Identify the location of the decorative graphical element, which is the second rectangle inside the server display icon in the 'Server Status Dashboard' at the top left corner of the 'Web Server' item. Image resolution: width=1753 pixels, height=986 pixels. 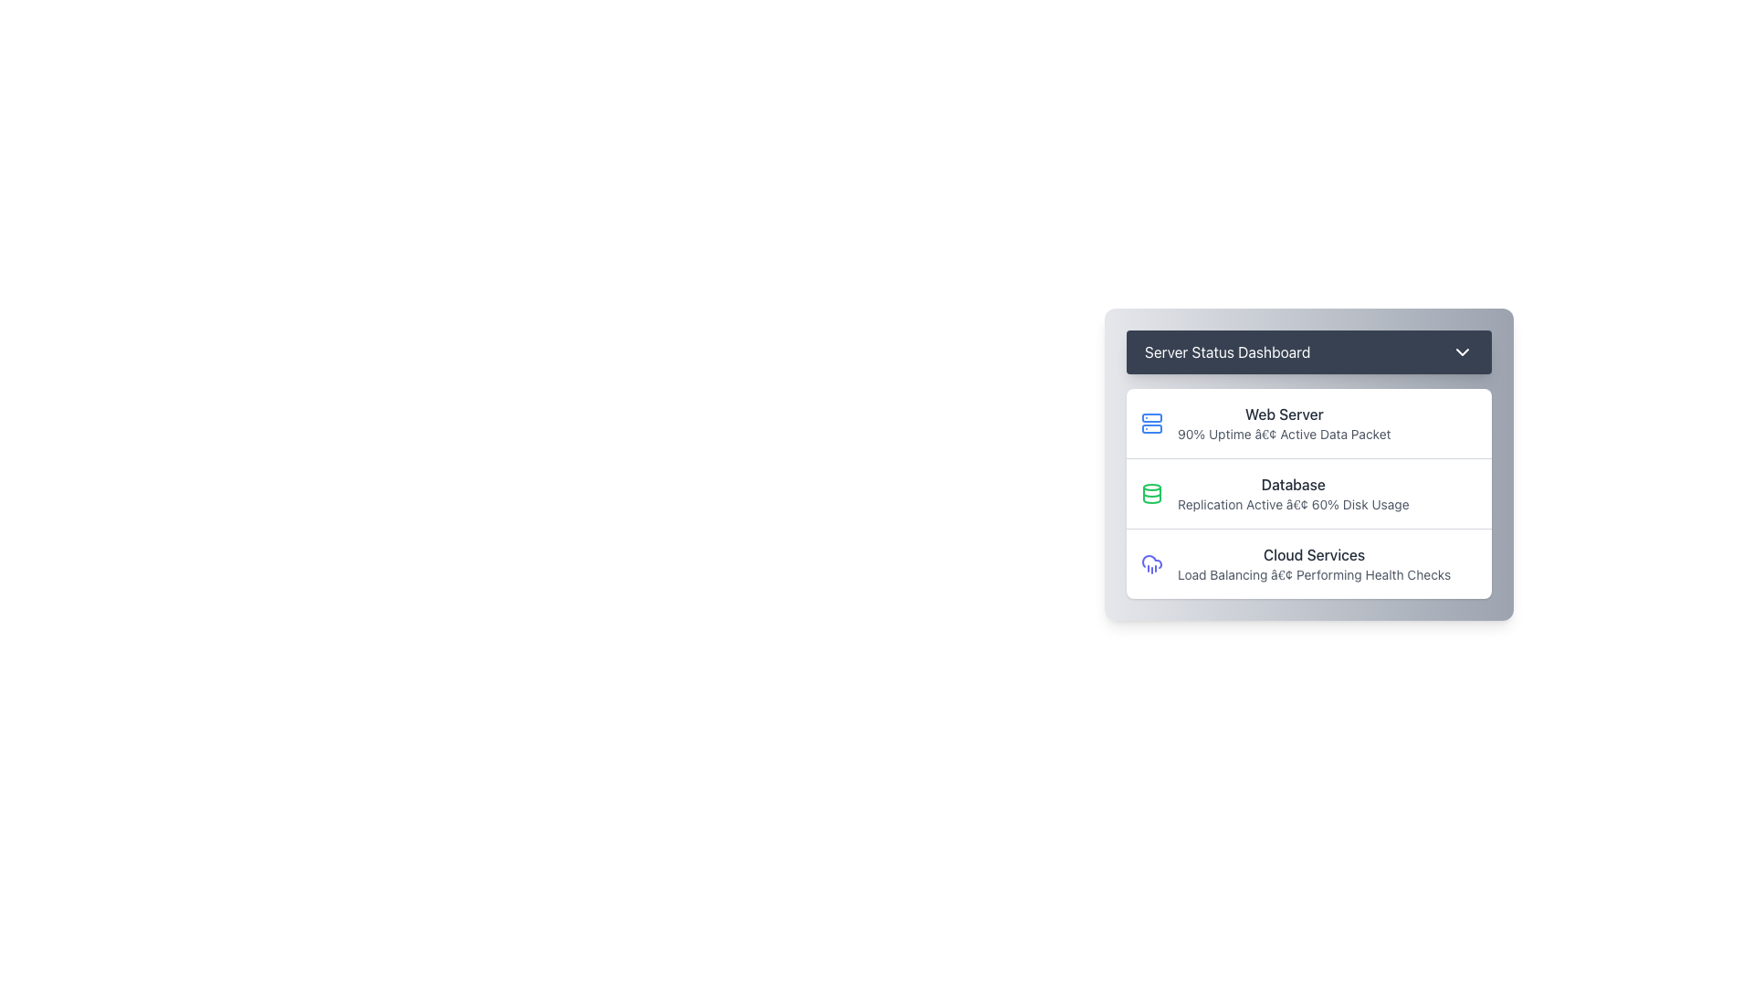
(1151, 429).